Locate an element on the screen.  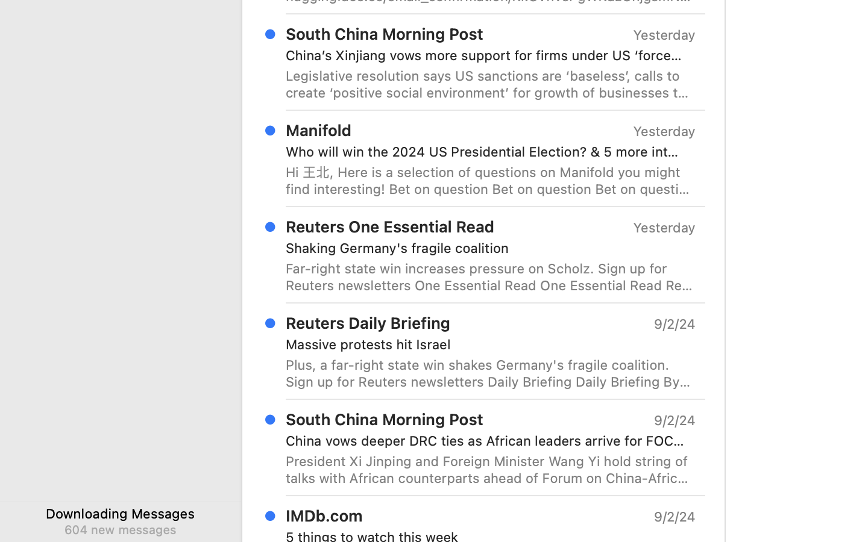
'9/2/24' is located at coordinates (673, 516).